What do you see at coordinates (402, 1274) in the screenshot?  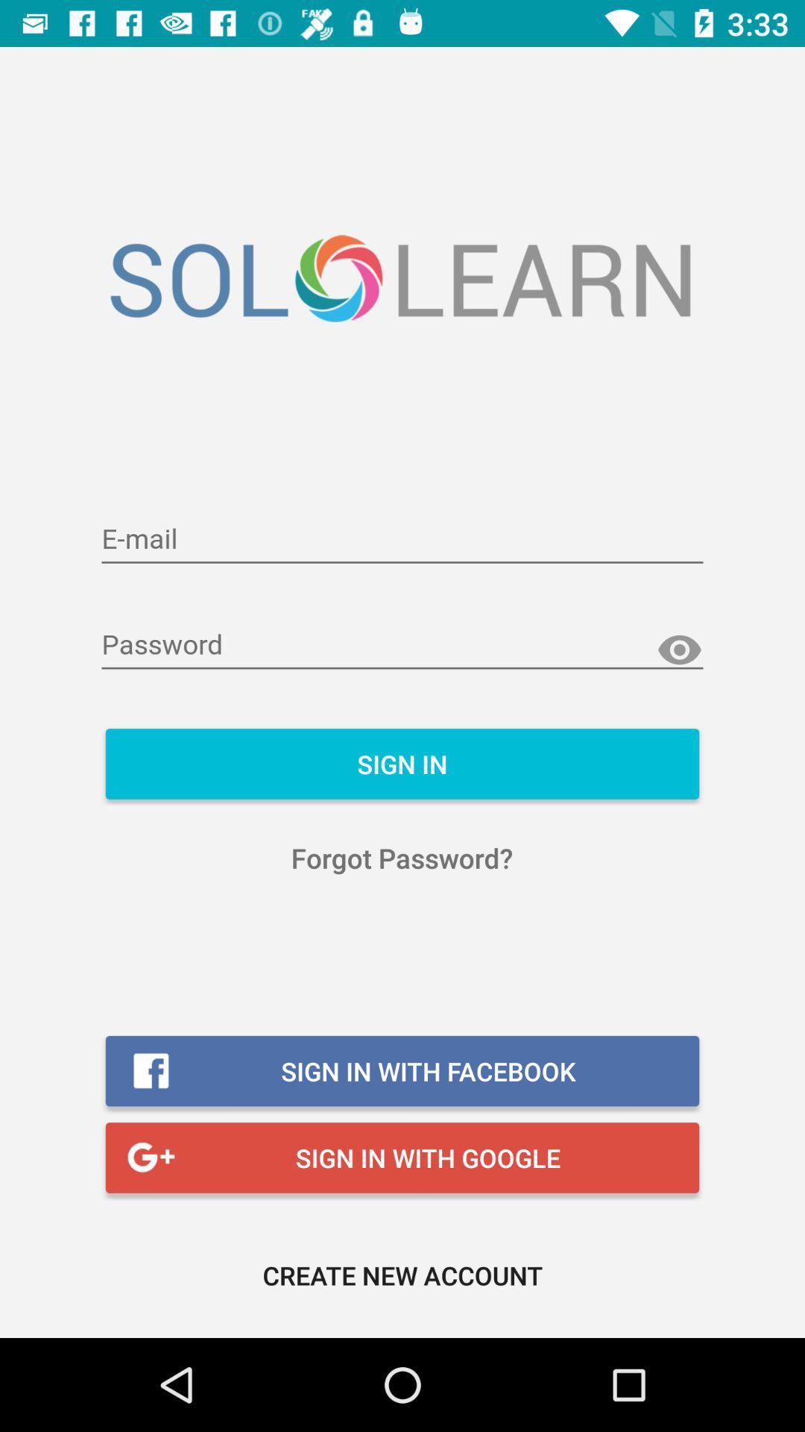 I see `create new account` at bounding box center [402, 1274].